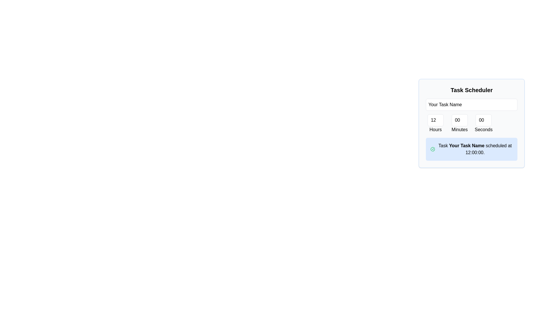 This screenshot has height=310, width=551. I want to click on green circular icon with a checkmark located to the far left of the text 'Task Your Task Name scheduled at 12:00:00.', so click(432, 149).